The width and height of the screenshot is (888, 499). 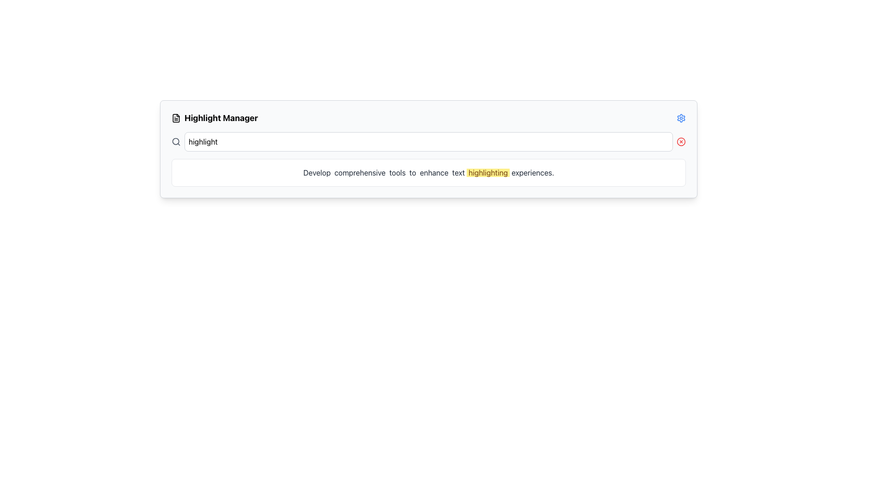 I want to click on the file icon representing a document with a folded corner located on the left side of the 'Highlight Manager' header section, so click(x=176, y=117).